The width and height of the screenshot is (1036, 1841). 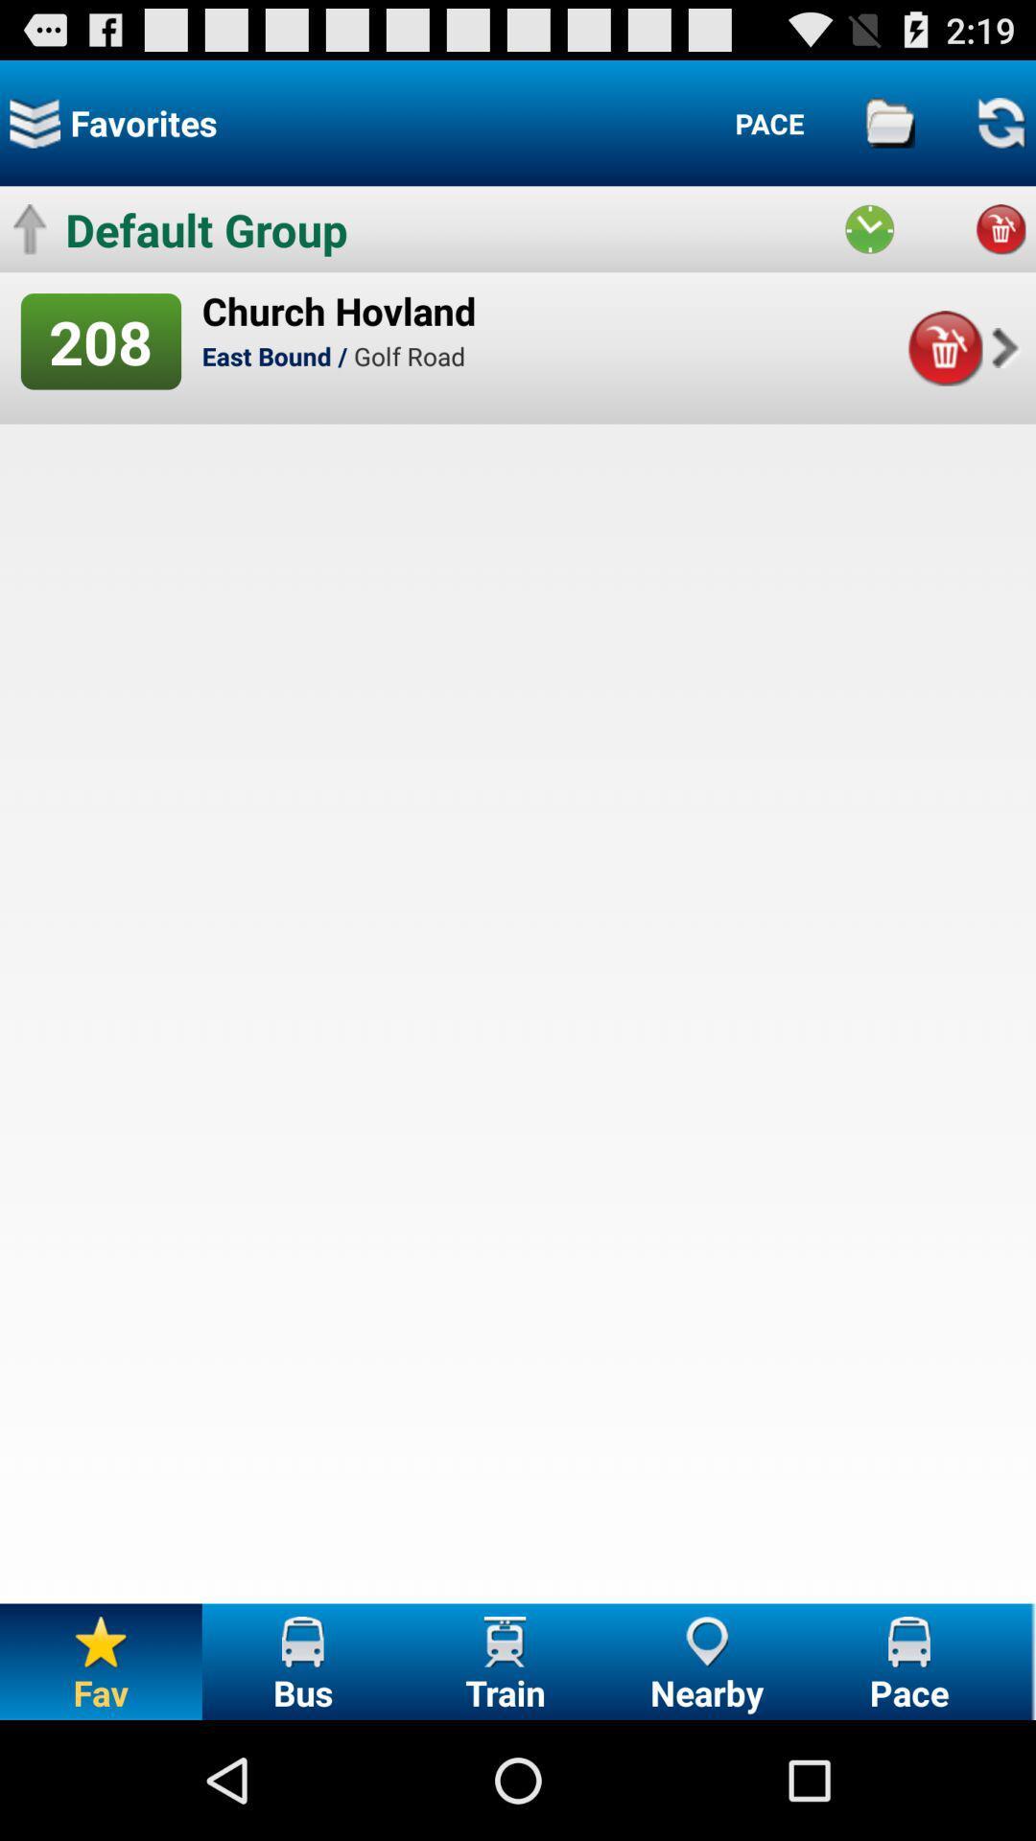 What do you see at coordinates (35, 130) in the screenshot?
I see `the layers icon` at bounding box center [35, 130].